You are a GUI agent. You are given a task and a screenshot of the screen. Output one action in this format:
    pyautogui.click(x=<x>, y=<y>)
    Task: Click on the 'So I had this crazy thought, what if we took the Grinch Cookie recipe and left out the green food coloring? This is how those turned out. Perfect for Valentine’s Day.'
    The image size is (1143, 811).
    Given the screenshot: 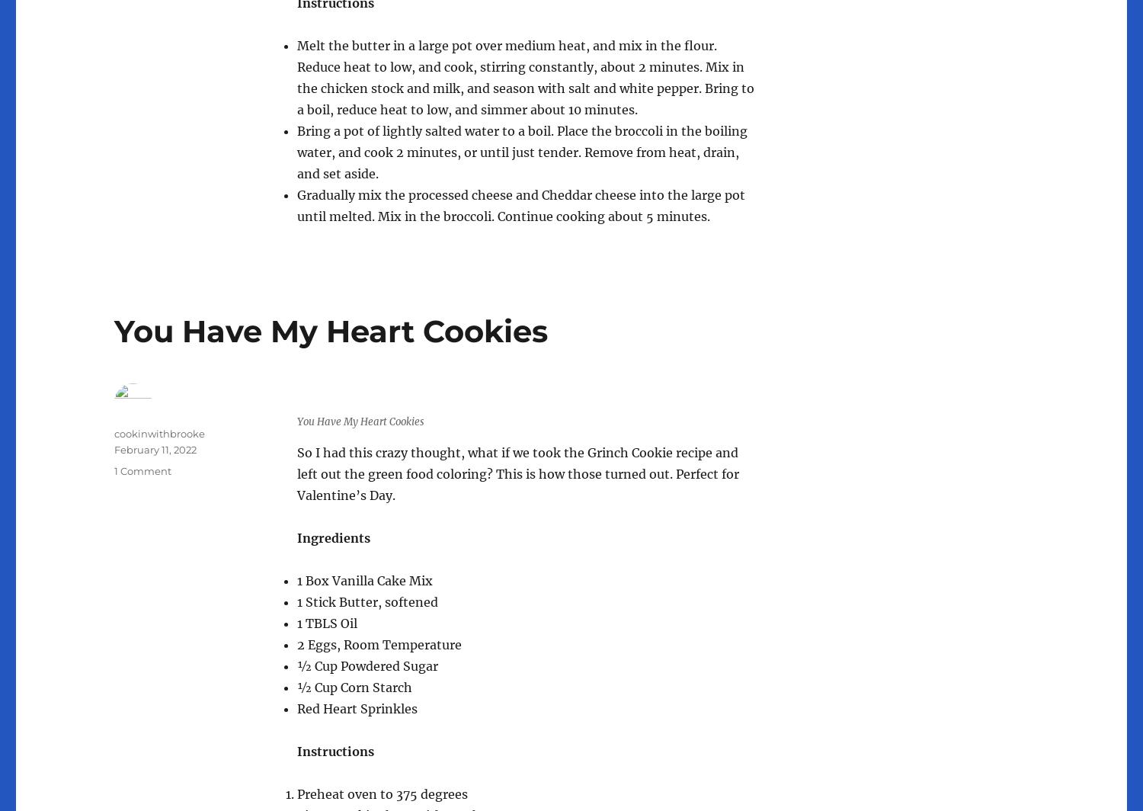 What is the action you would take?
    pyautogui.click(x=517, y=473)
    